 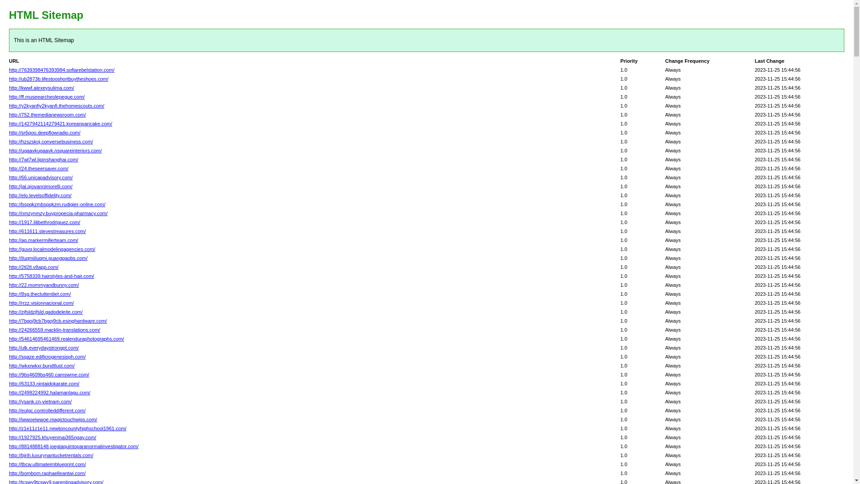 What do you see at coordinates (40, 177) in the screenshot?
I see `'http://66.unicapadvisory.com/'` at bounding box center [40, 177].